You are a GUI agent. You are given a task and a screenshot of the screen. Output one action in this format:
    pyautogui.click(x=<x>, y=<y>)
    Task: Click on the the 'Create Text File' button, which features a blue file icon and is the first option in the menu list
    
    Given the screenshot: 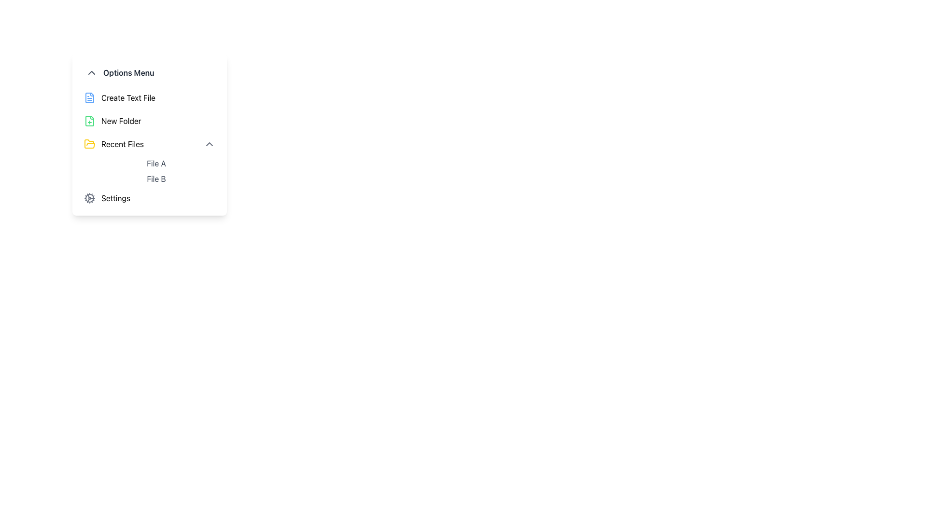 What is the action you would take?
    pyautogui.click(x=149, y=98)
    